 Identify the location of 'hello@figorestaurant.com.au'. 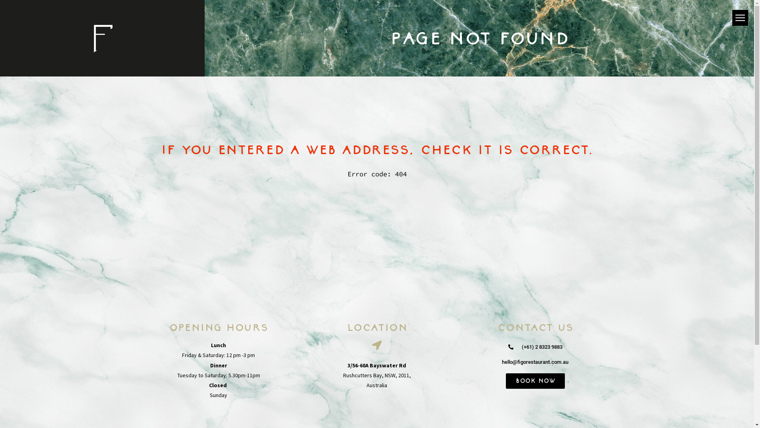
(535, 362).